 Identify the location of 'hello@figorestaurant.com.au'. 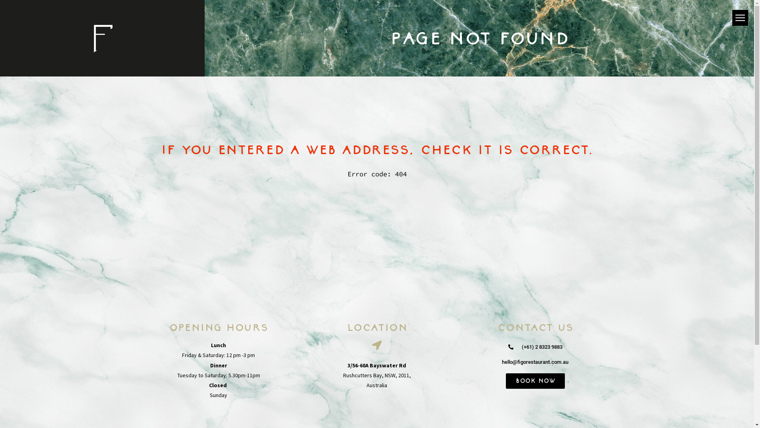
(535, 362).